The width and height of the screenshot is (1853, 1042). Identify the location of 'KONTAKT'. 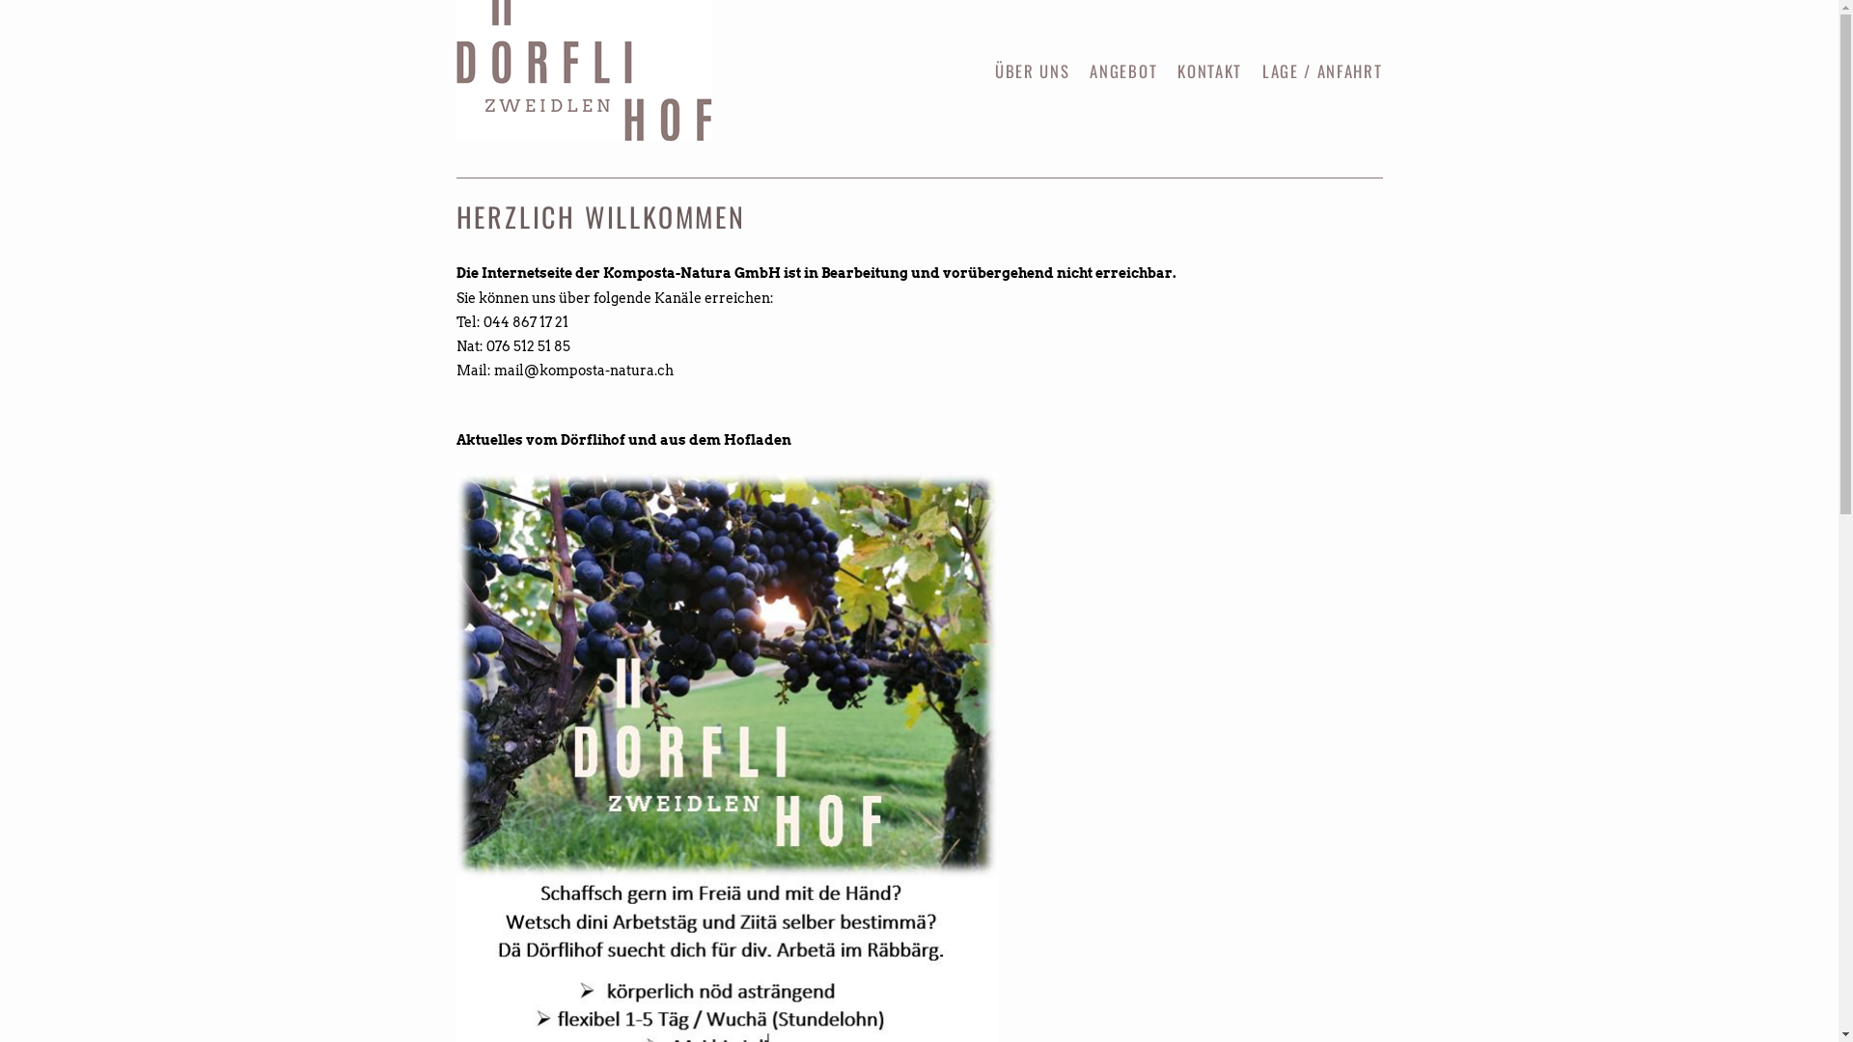
(1175, 69).